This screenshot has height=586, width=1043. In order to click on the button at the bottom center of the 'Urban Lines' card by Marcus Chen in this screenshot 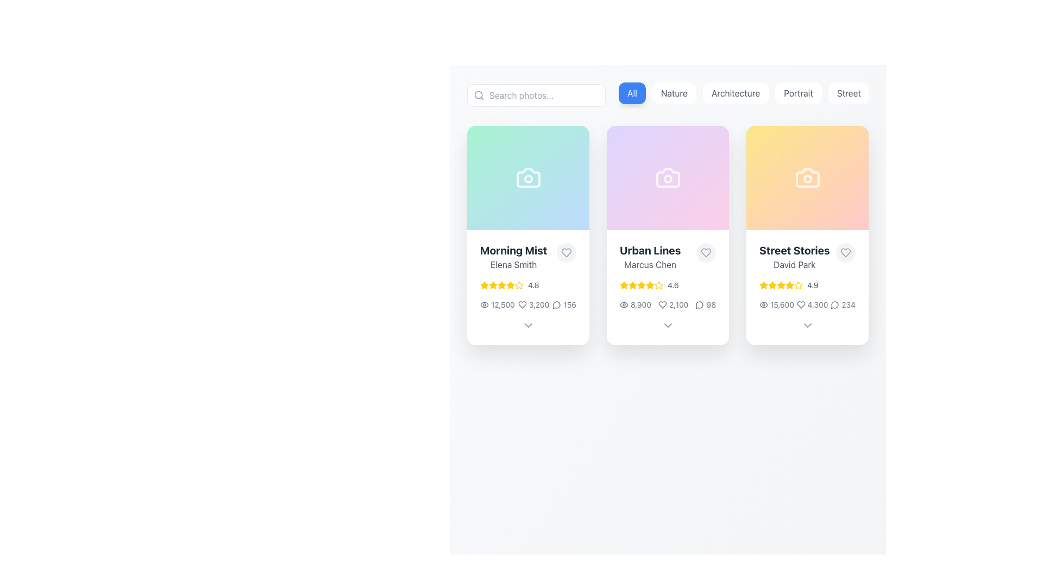, I will do `click(667, 325)`.